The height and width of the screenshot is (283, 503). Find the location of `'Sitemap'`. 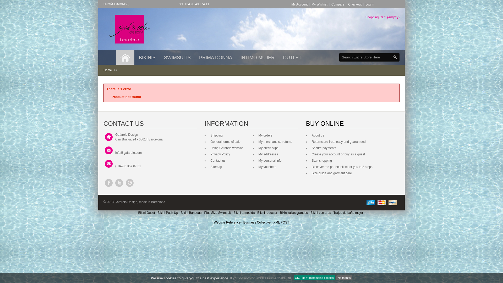

'Sitemap' is located at coordinates (209, 167).